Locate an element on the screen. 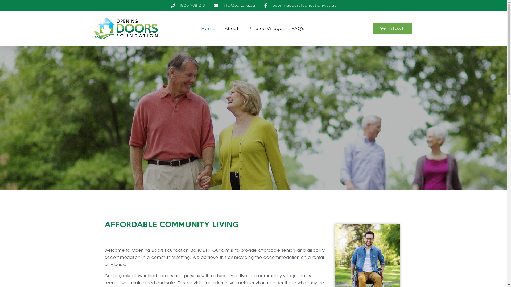 Image resolution: width=511 pixels, height=287 pixels. '1800 708 210' is located at coordinates (188, 5).